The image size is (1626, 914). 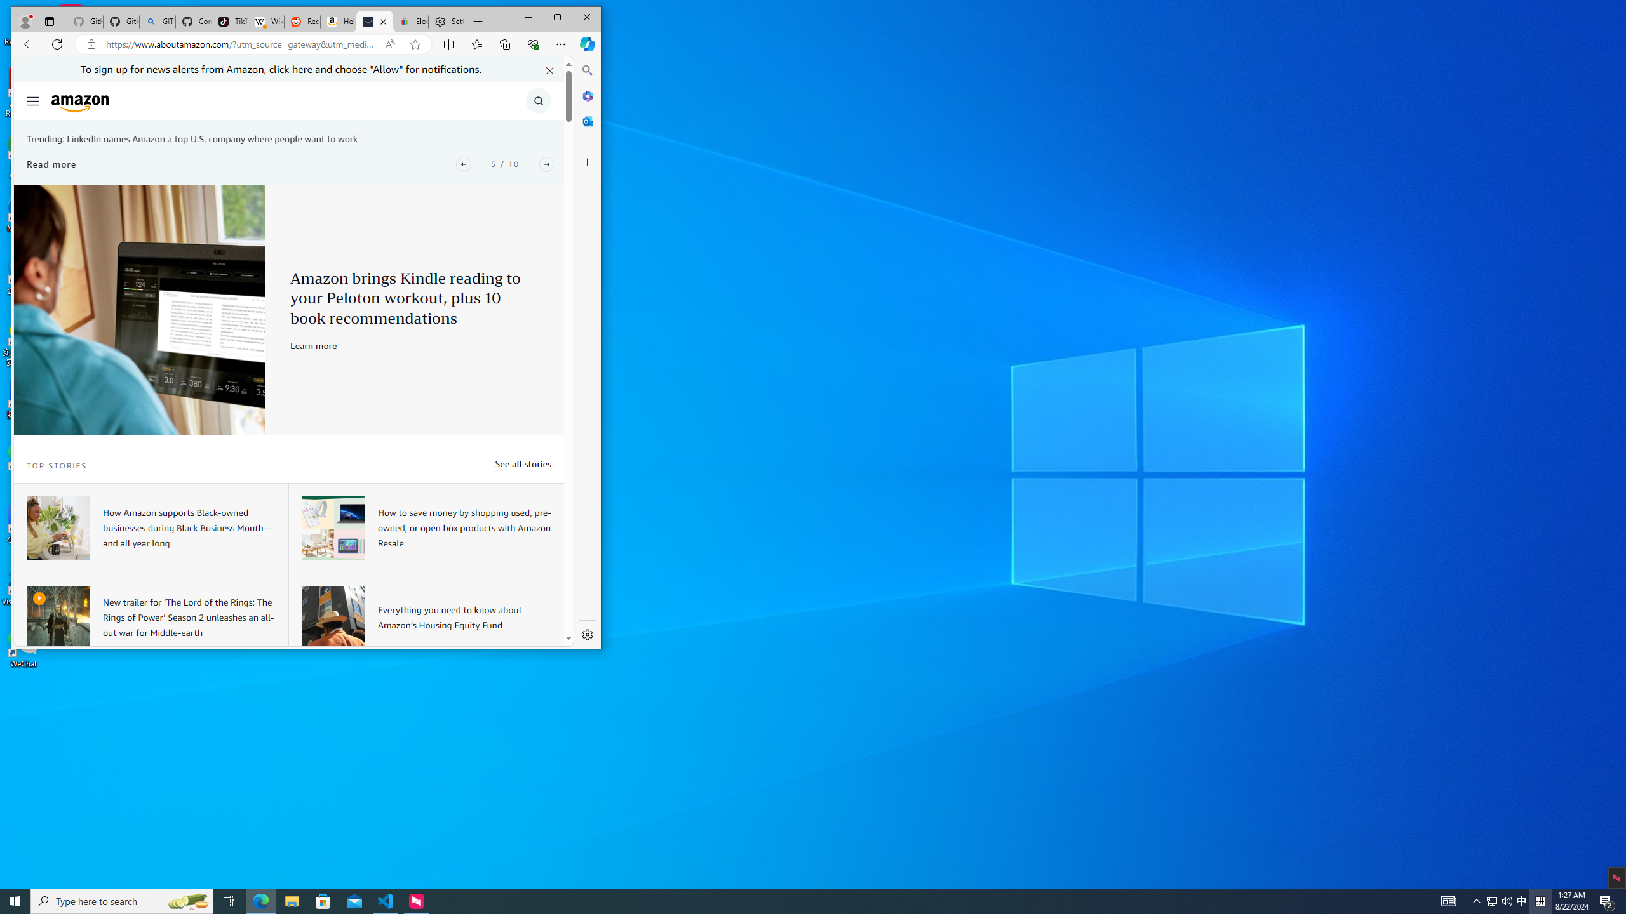 What do you see at coordinates (538, 100) in the screenshot?
I see `'Class: icon-search'` at bounding box center [538, 100].